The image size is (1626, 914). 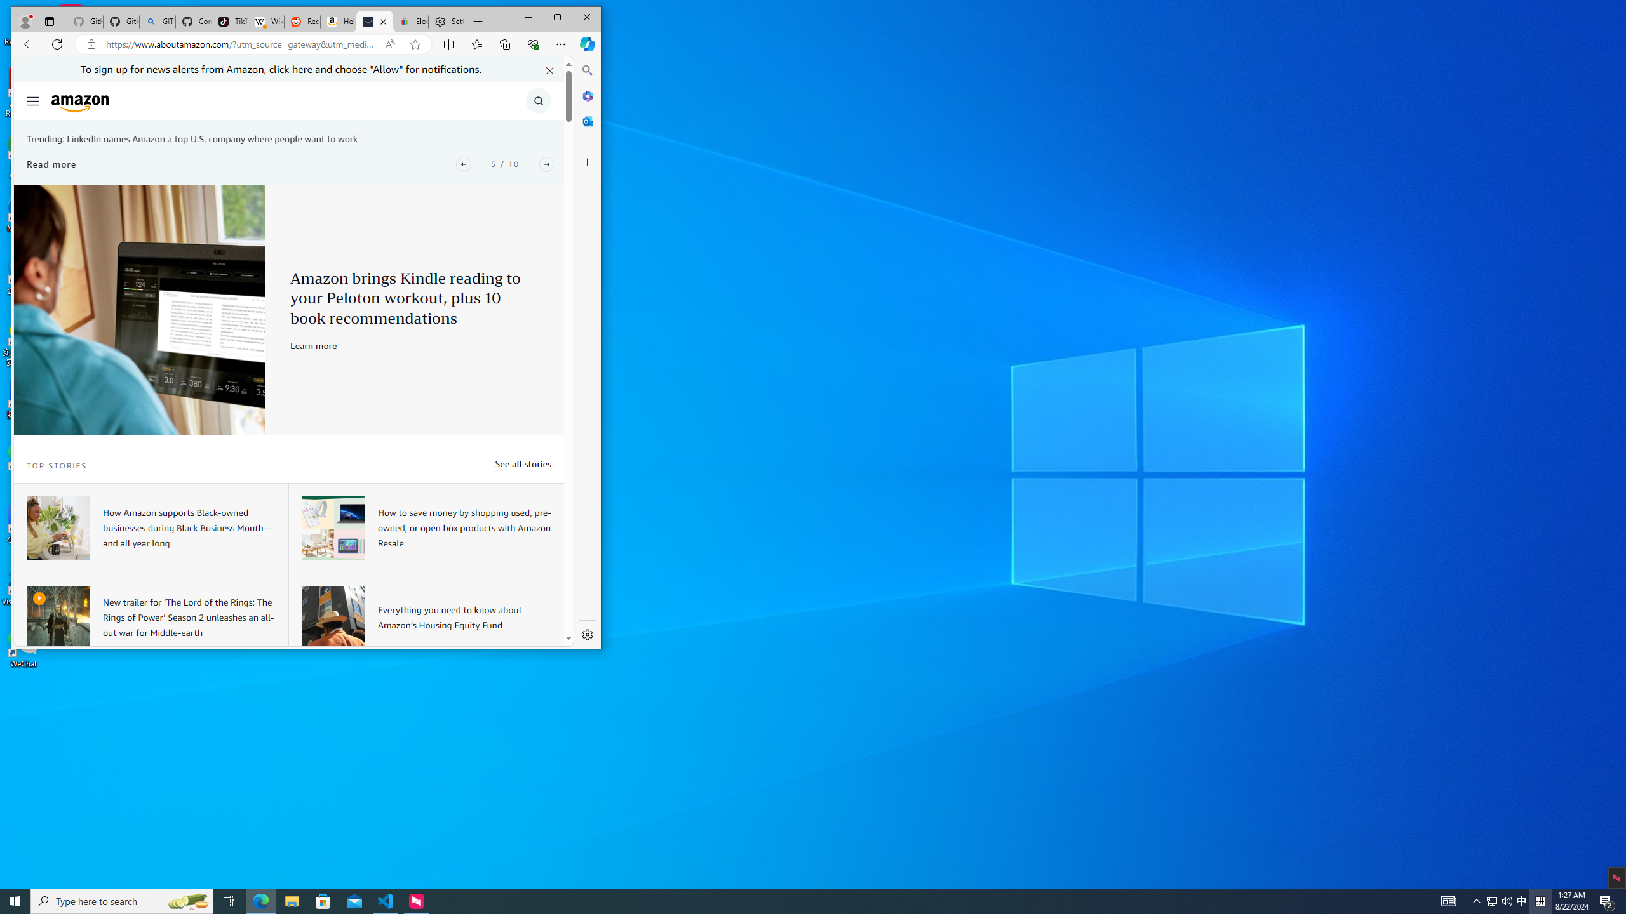 What do you see at coordinates (538, 100) in the screenshot?
I see `'Class: icon-search'` at bounding box center [538, 100].